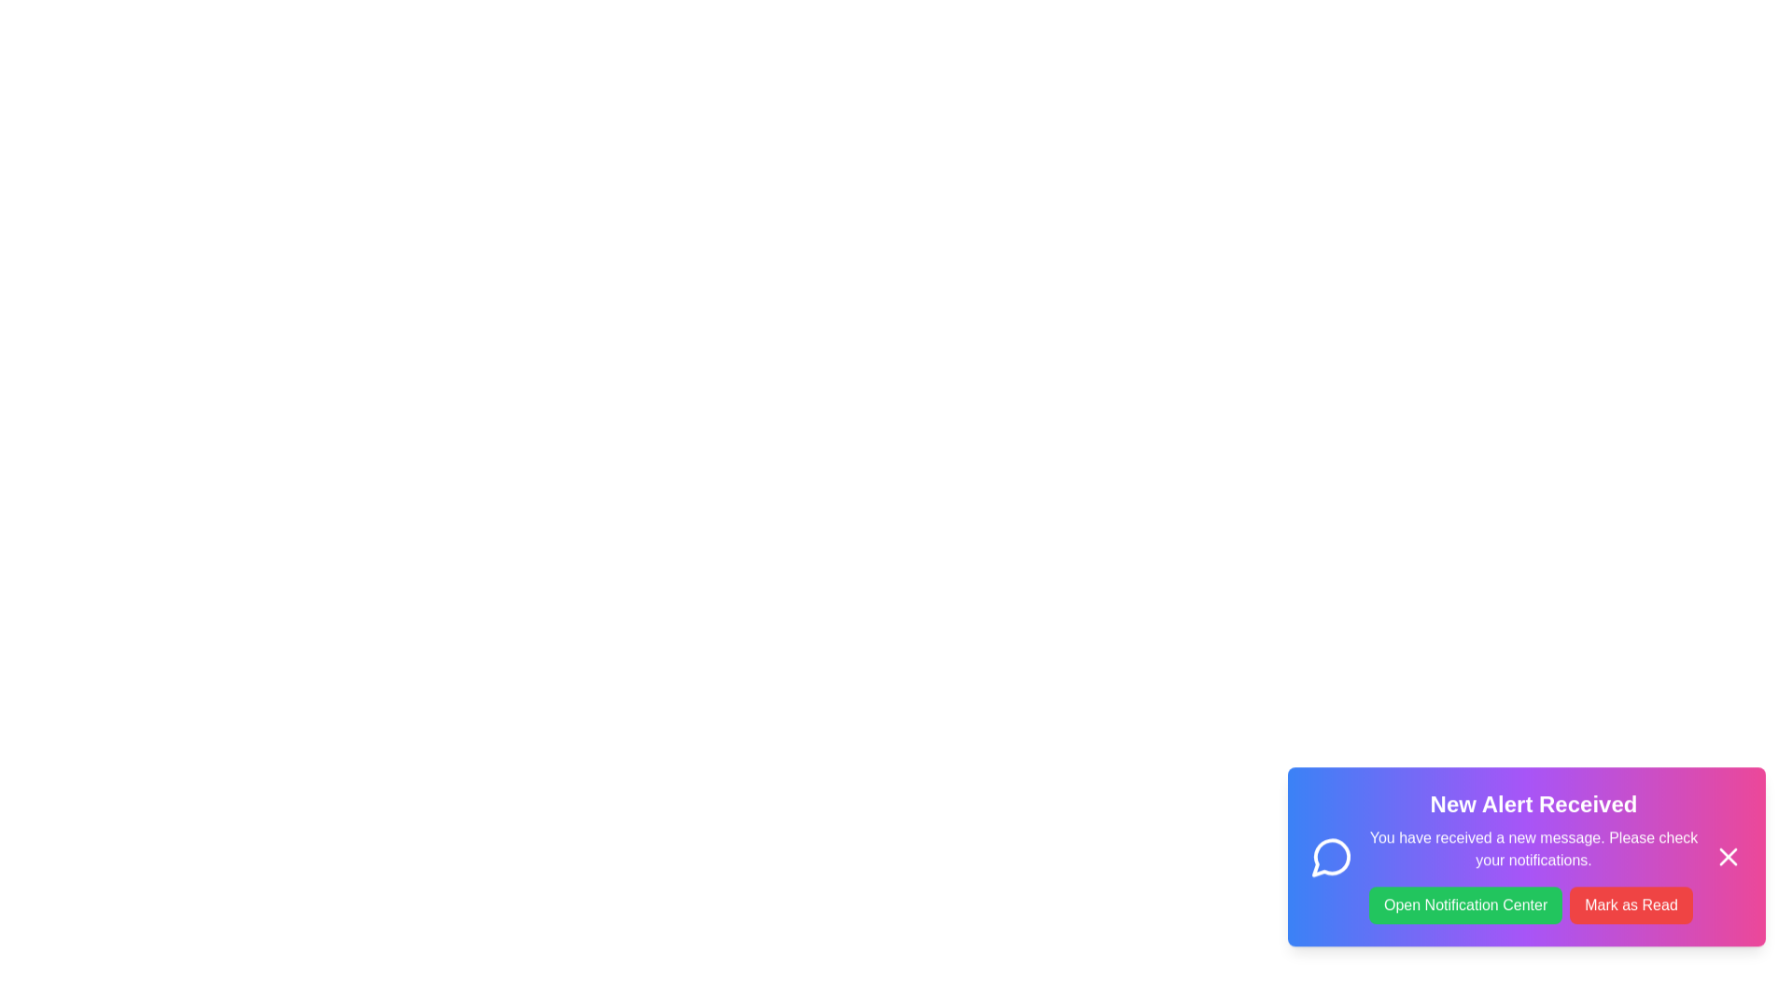  Describe the element at coordinates (1464, 922) in the screenshot. I see `the 'Open Notification Center' button to navigate to the Notification Center` at that location.